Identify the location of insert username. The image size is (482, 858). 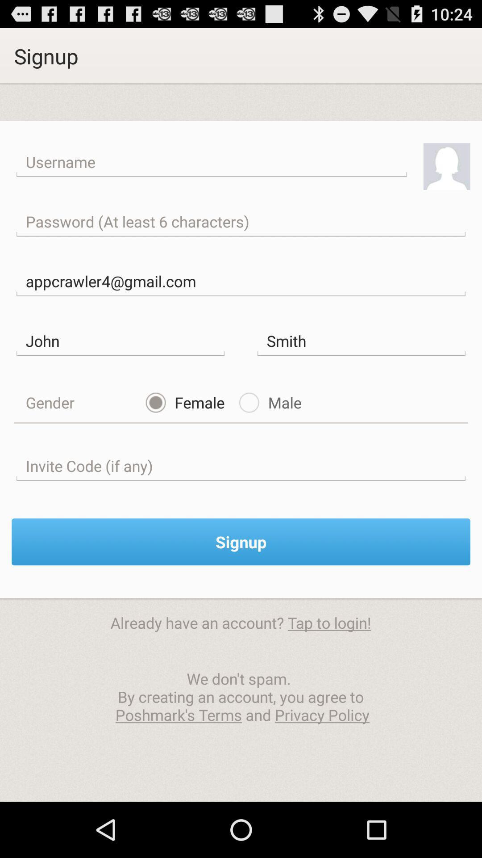
(212, 162).